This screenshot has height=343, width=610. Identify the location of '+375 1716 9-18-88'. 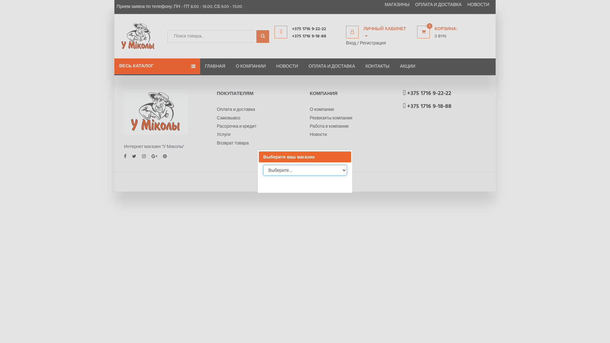
(316, 37).